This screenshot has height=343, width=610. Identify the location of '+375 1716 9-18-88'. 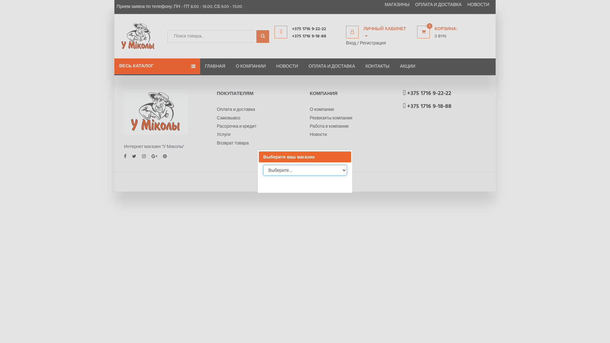
(316, 37).